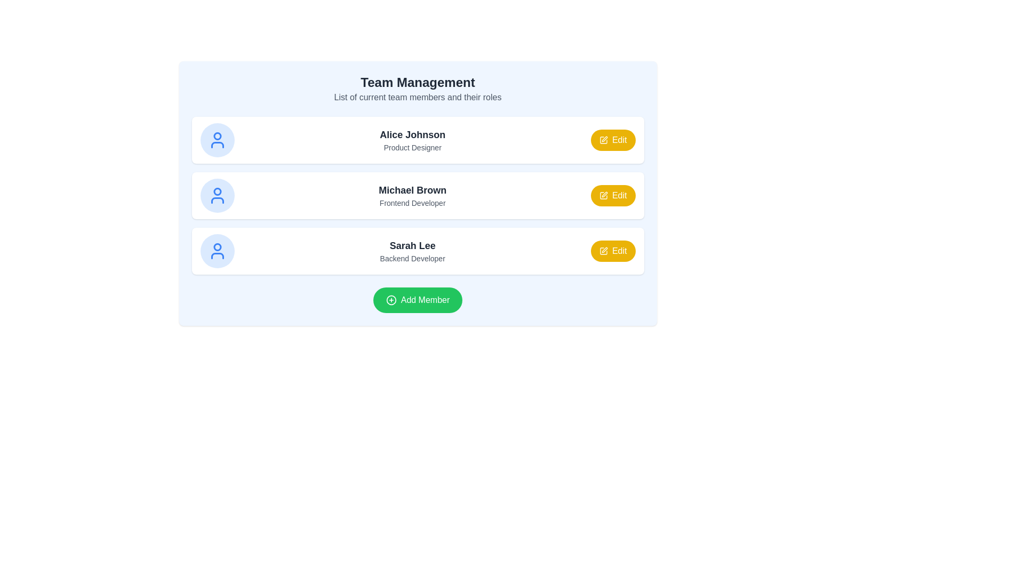 The height and width of the screenshot is (576, 1024). I want to click on the small blue circular head of the user icon located at the top-left of the 'Alice Johnson' team member card, so click(217, 135).